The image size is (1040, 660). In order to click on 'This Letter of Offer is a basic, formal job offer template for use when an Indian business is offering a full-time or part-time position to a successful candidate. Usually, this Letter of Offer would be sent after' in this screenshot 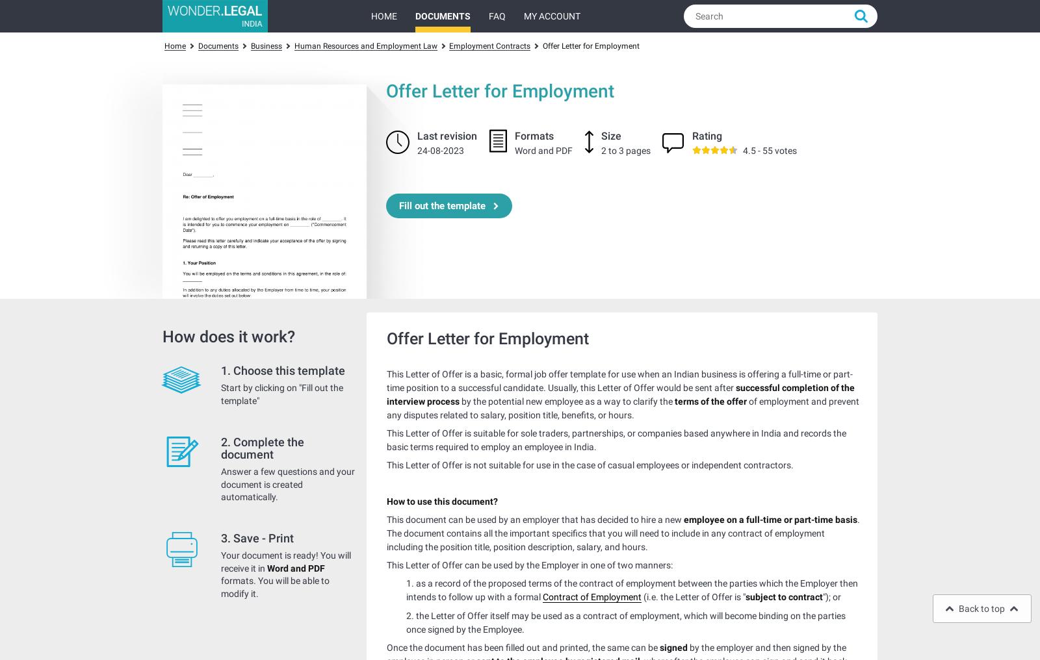, I will do `click(619, 381)`.